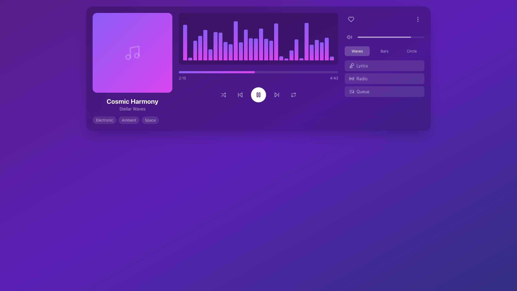  I want to click on the 14th bar in the visual equalizer display, which is a vertical rectangle with a gradient background transitioning from fuchsia at the bottom to violet at the top and has rounded top corners, so click(250, 49).